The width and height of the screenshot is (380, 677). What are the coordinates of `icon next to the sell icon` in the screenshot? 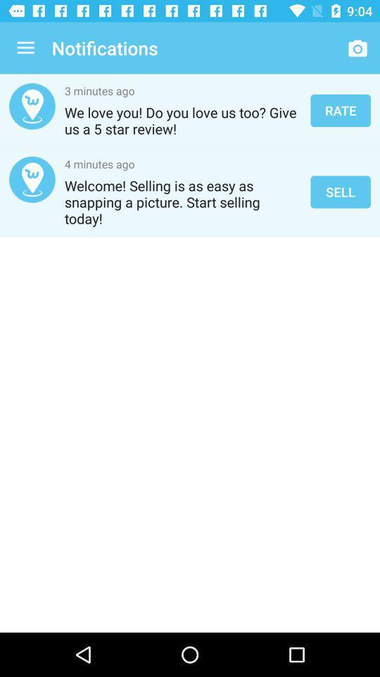 It's located at (183, 201).